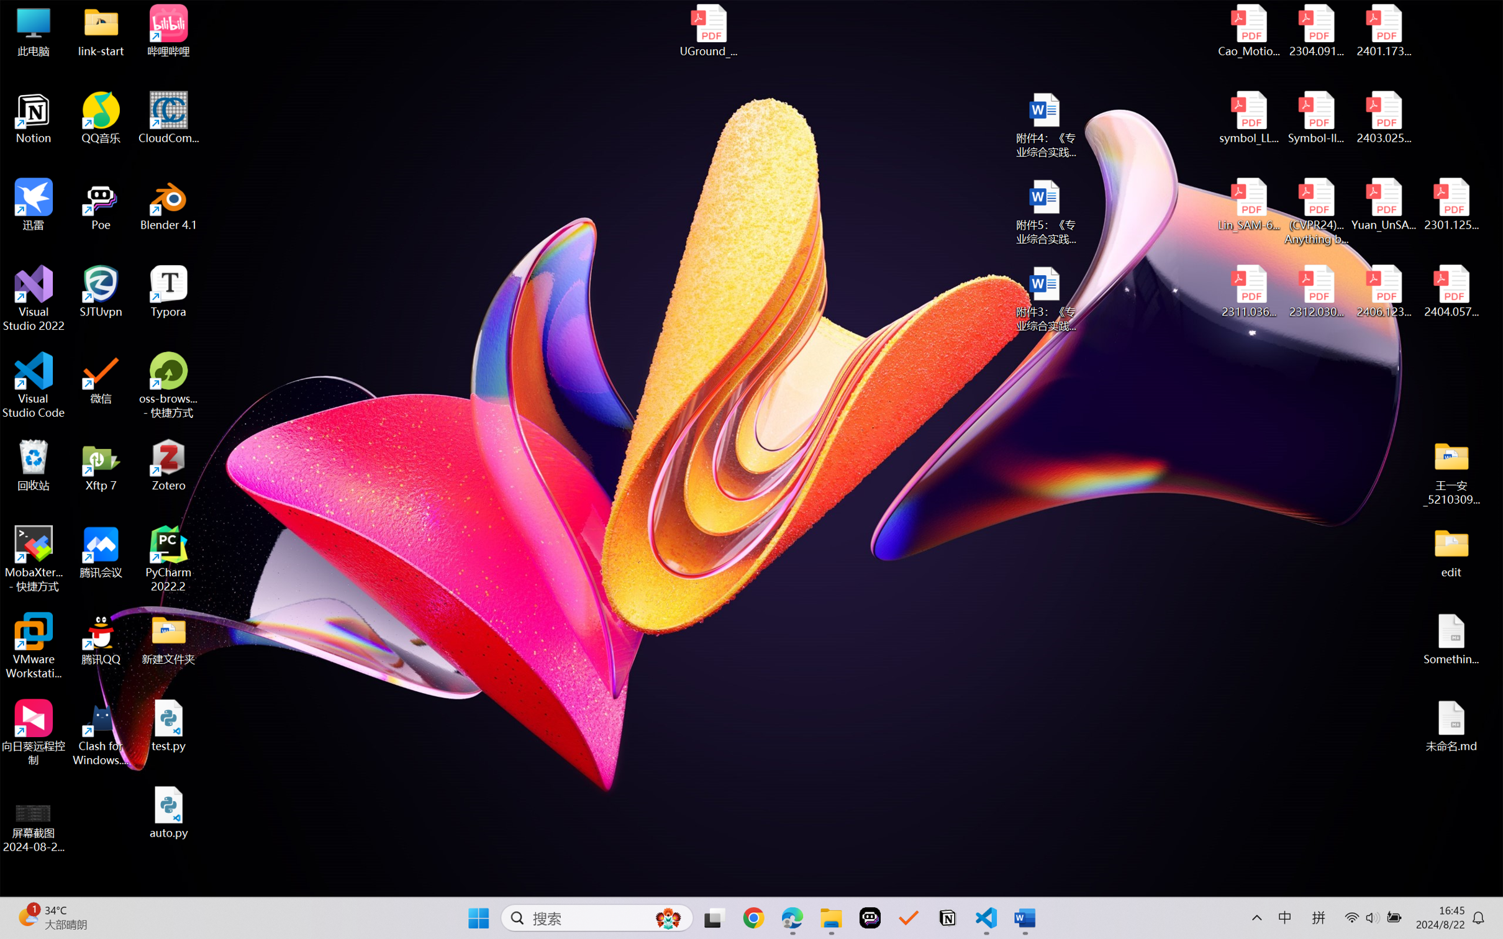  What do you see at coordinates (1315, 30) in the screenshot?
I see `'2304.09121v3.pdf'` at bounding box center [1315, 30].